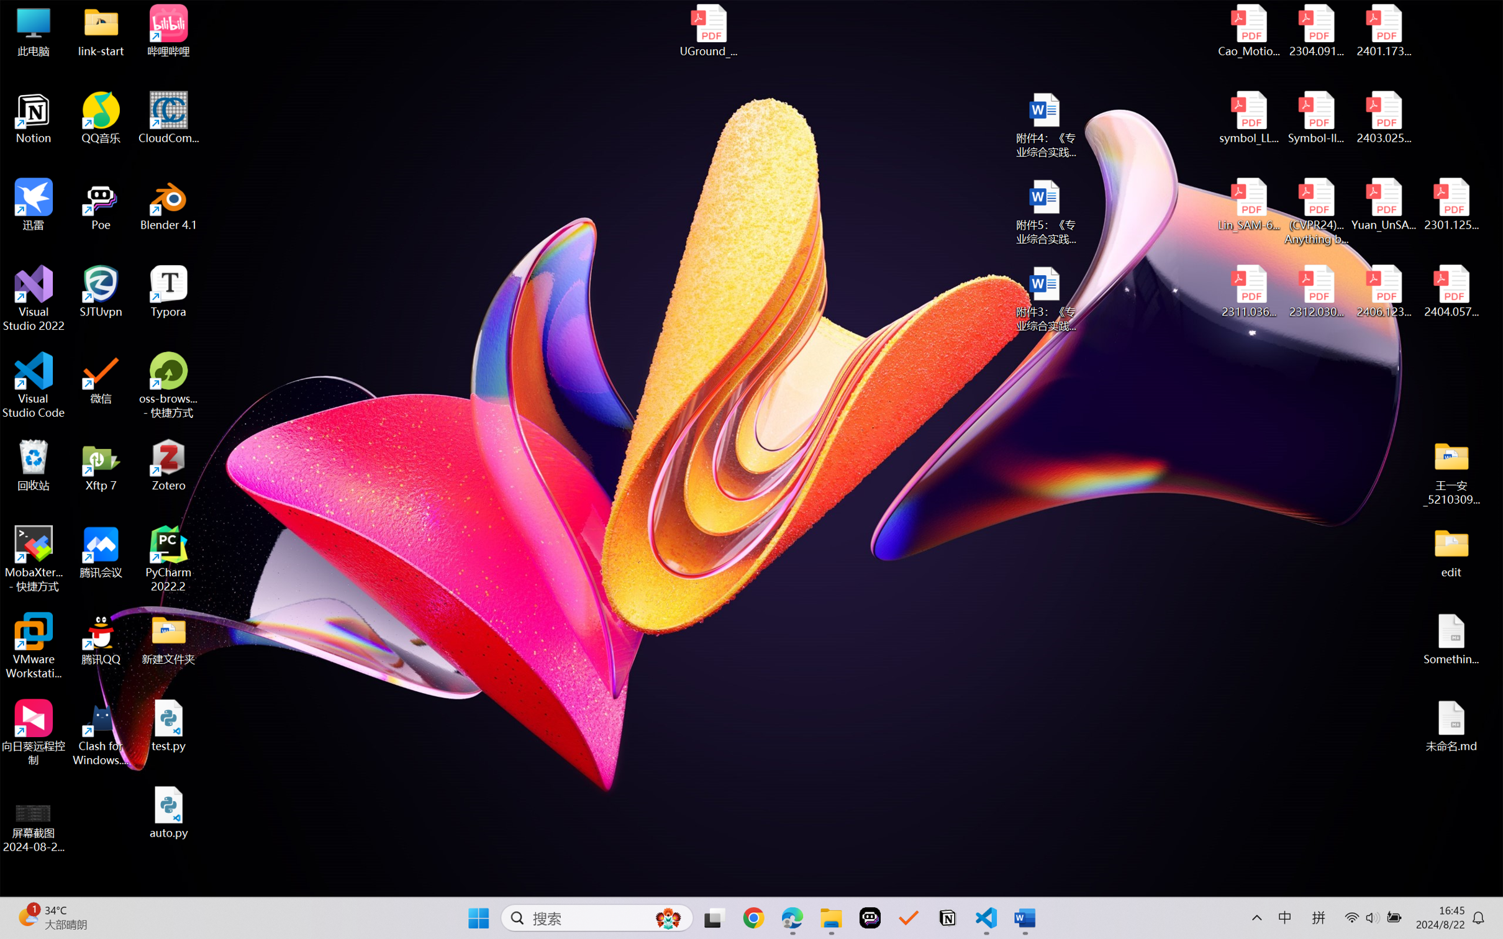  What do you see at coordinates (1315, 30) in the screenshot?
I see `'2304.09121v3.pdf'` at bounding box center [1315, 30].